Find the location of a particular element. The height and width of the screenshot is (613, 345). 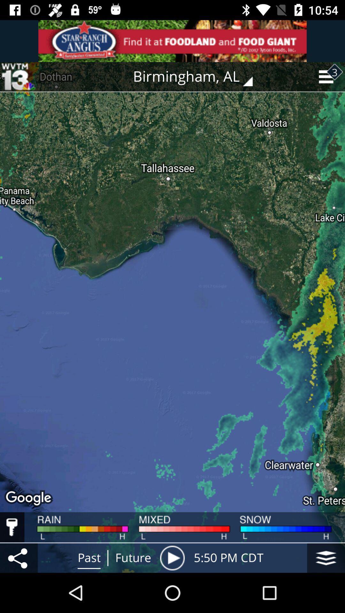

the share icon is located at coordinates (19, 557).